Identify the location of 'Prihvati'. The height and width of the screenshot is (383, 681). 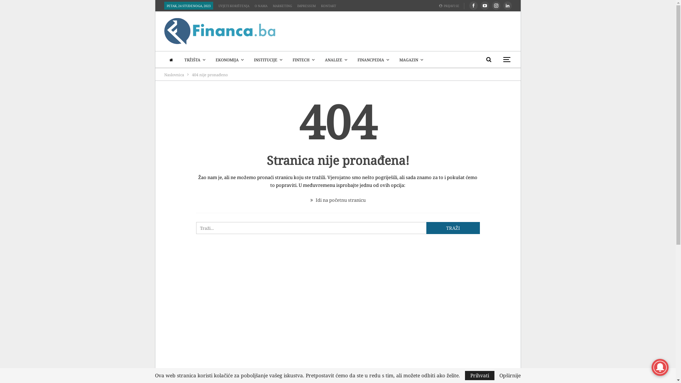
(480, 375).